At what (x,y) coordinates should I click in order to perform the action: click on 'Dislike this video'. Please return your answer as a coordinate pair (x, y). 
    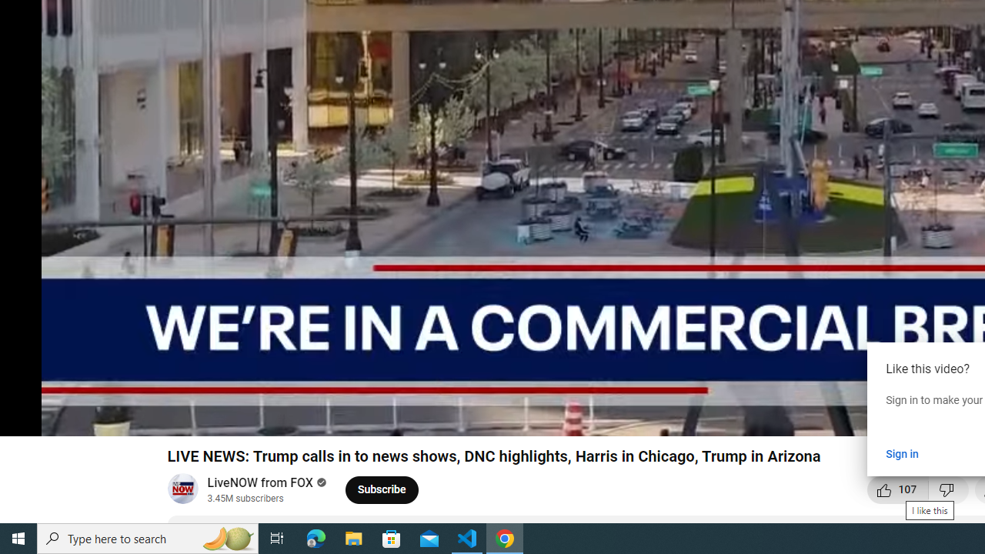
    Looking at the image, I should click on (948, 489).